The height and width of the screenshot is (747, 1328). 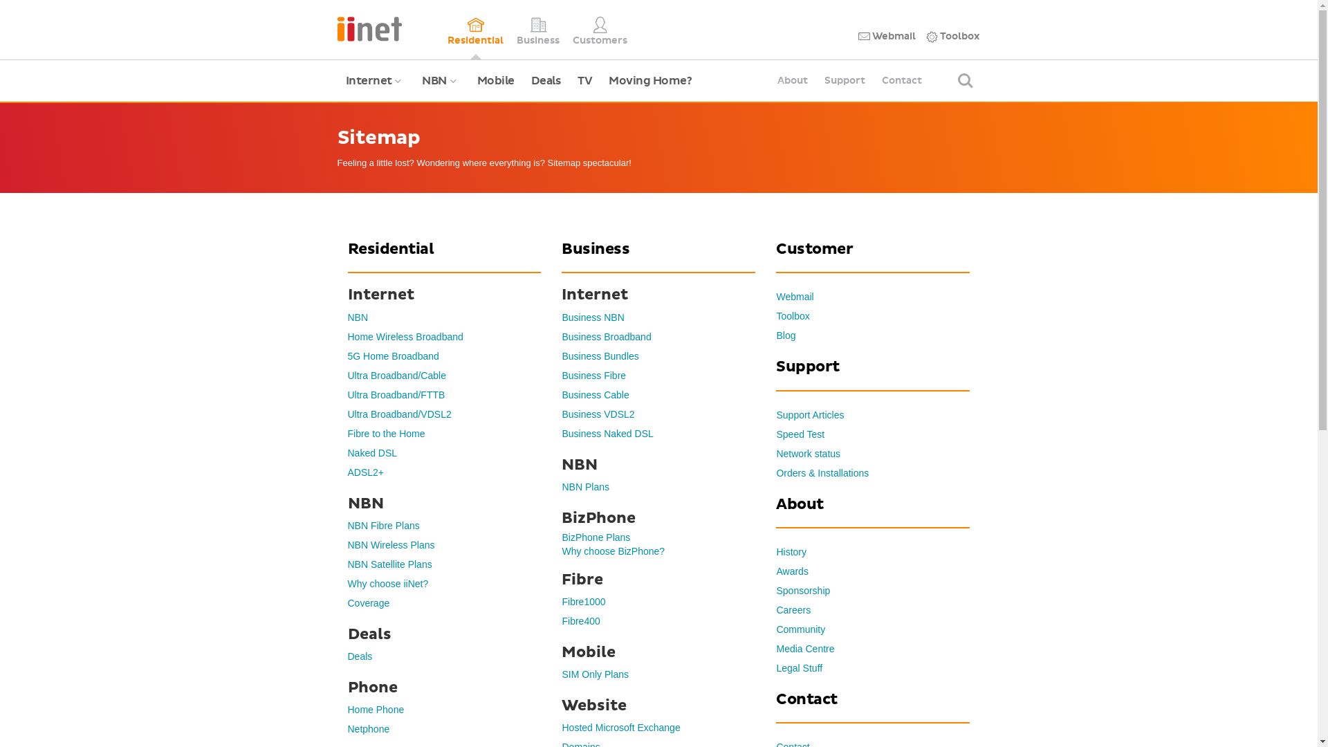 What do you see at coordinates (395, 394) in the screenshot?
I see `'Ultra Broadband/FTTB'` at bounding box center [395, 394].